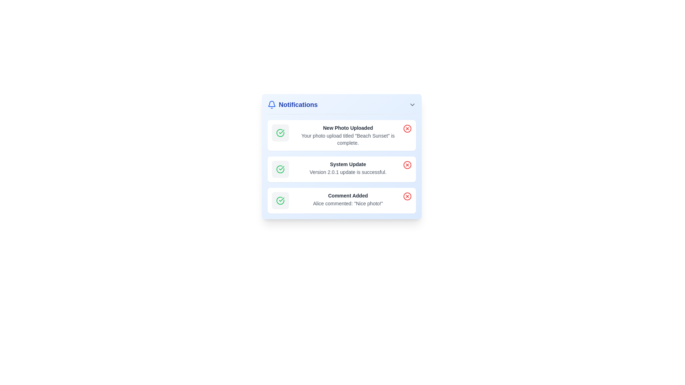  I want to click on the 'Notifications' text label, which is styled in bold blue font and positioned to the right of a bell icon at the top-left corner of the notification card, so click(298, 104).